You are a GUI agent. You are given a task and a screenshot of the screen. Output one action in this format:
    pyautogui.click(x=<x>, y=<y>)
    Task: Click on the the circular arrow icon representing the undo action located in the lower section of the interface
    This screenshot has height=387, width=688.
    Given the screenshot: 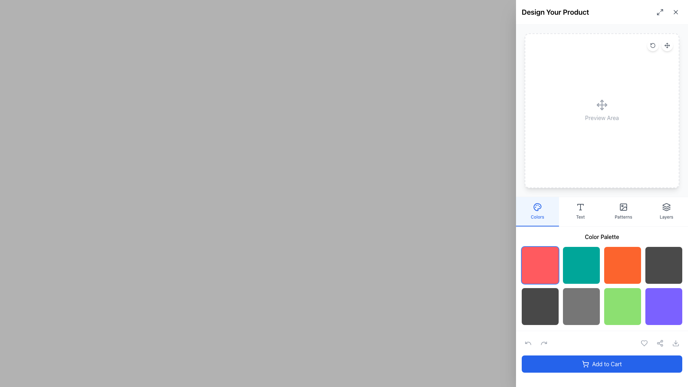 What is the action you would take?
    pyautogui.click(x=528, y=343)
    